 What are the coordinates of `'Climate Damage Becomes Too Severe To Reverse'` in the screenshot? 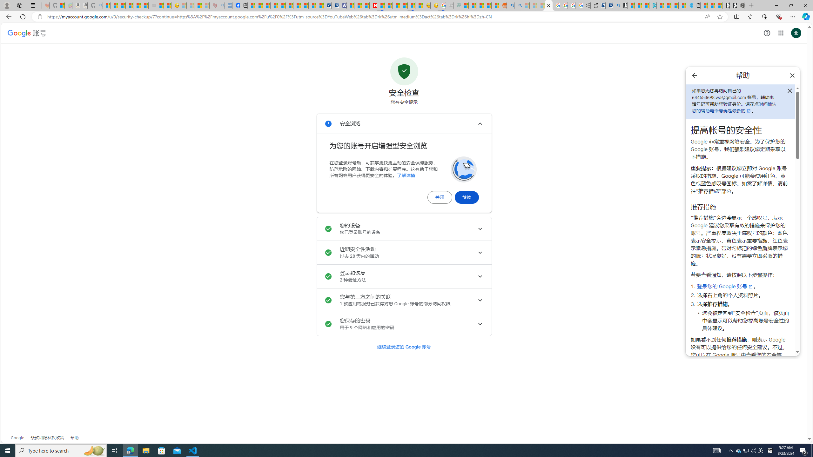 It's located at (273, 5).